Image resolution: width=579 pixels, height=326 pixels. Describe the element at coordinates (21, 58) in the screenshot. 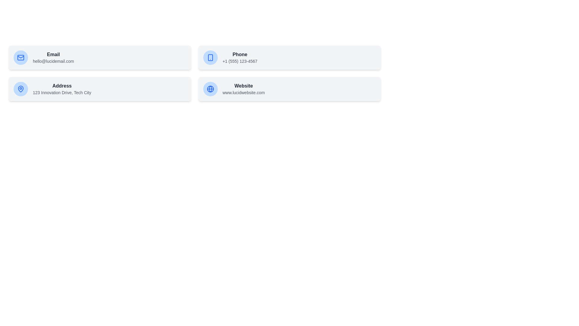

I see `the blue-outlined envelope icon representing the email address 'hello@lucidemail.com', which is located within the leftmost column of the grid of contact information items` at that location.